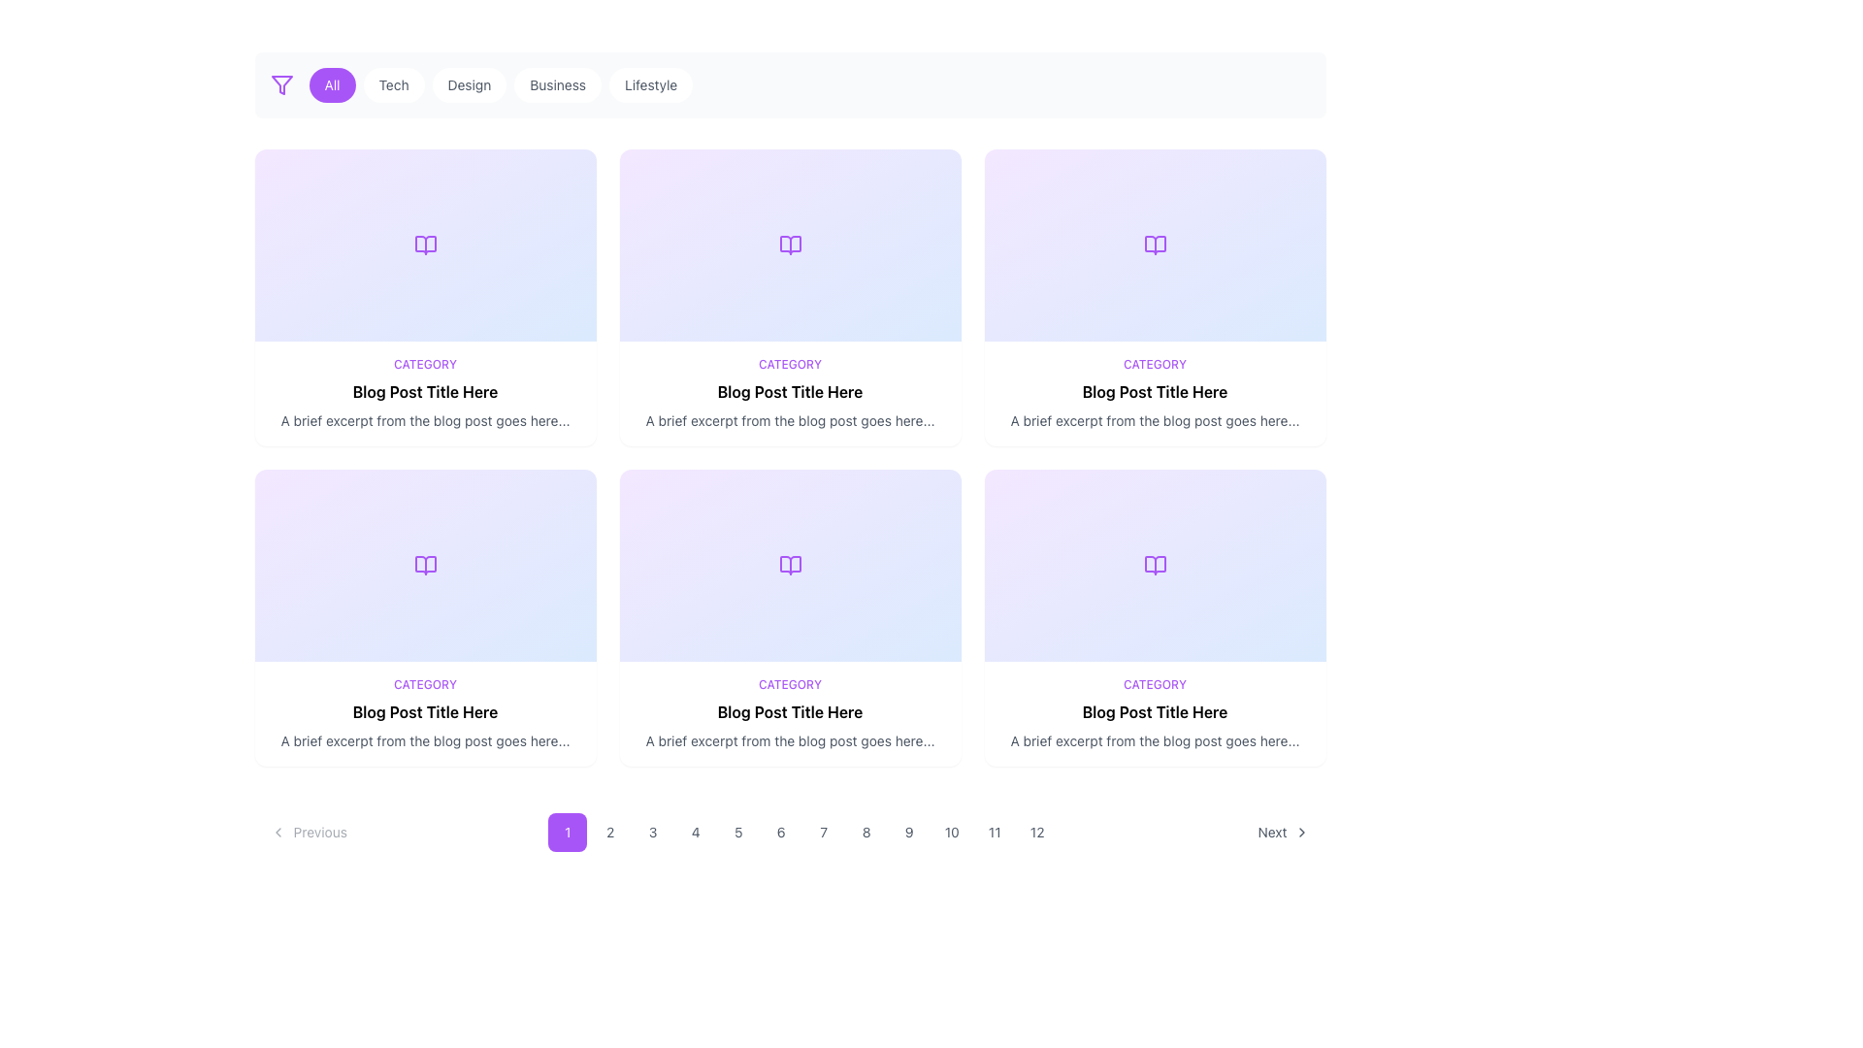 Image resolution: width=1863 pixels, height=1048 pixels. Describe the element at coordinates (790, 565) in the screenshot. I see `the graphic component with a gradient background and a purple book icon located in the second column of the second row of the grid layout` at that location.